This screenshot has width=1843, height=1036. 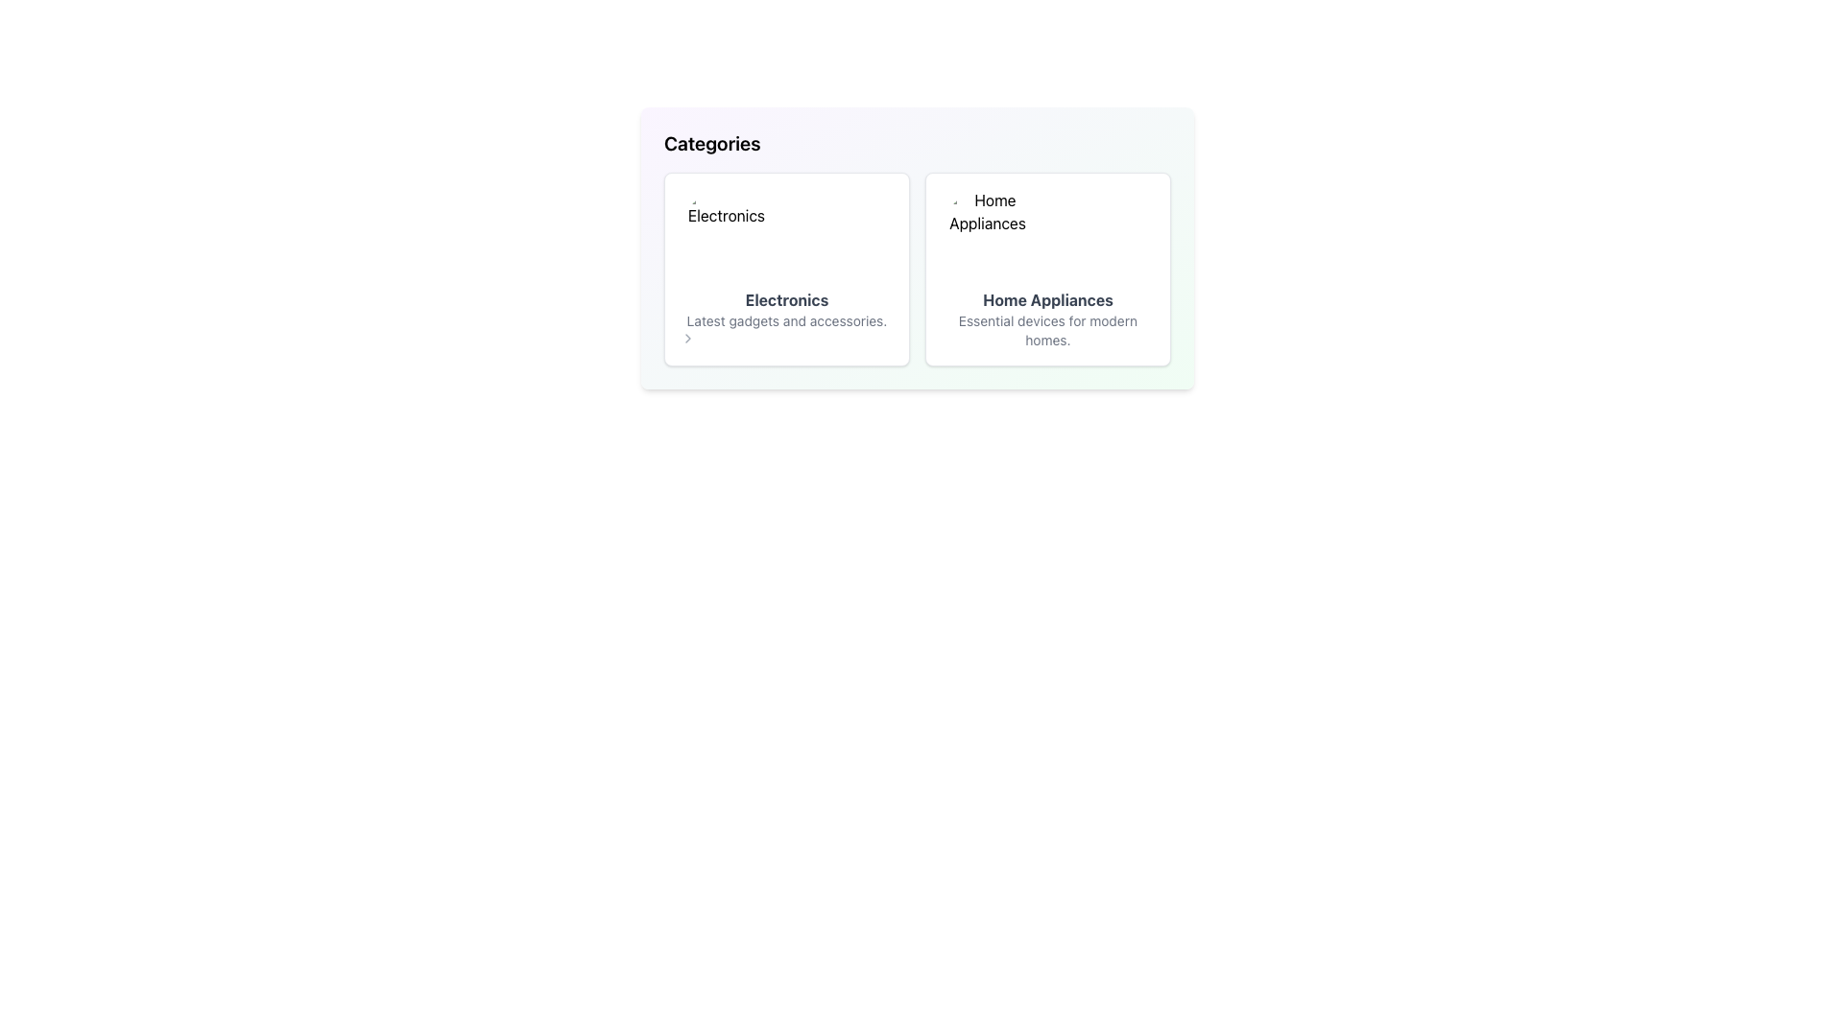 What do you see at coordinates (787, 320) in the screenshot?
I see `the Text Label displaying 'Latest gadgets and accessories.' located below the title 'Electronics' within the card layout` at bounding box center [787, 320].